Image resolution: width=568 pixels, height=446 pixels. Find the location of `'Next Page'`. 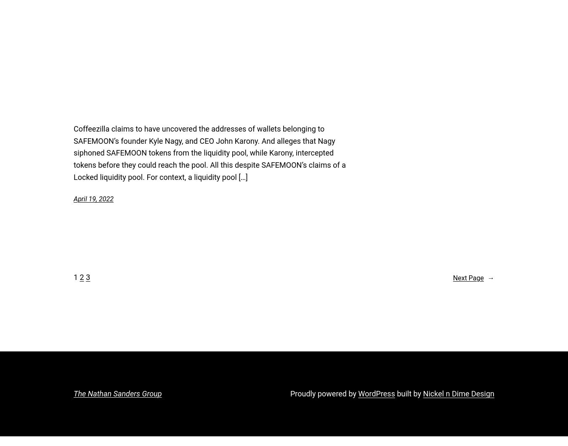

'Next Page' is located at coordinates (452, 277).